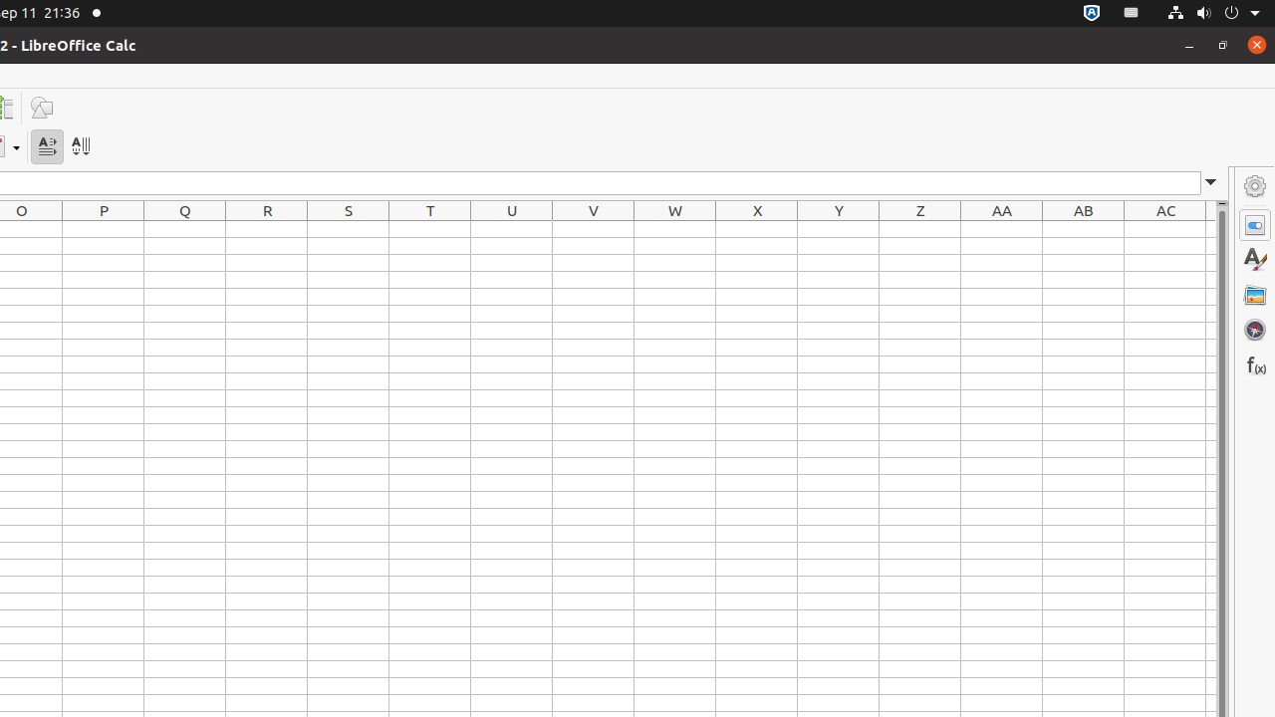 This screenshot has width=1275, height=717. I want to click on 'AA1', so click(1001, 228).